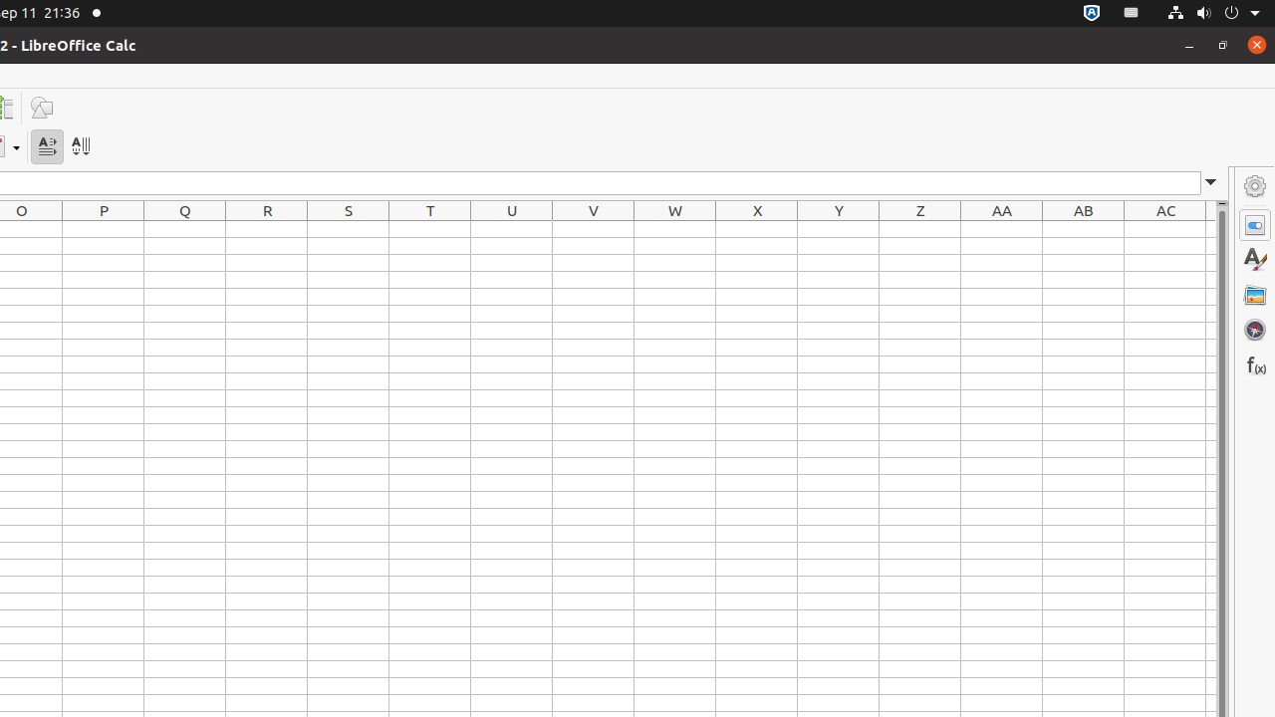 This screenshot has width=1275, height=717. I want to click on 'AA1', so click(1001, 228).